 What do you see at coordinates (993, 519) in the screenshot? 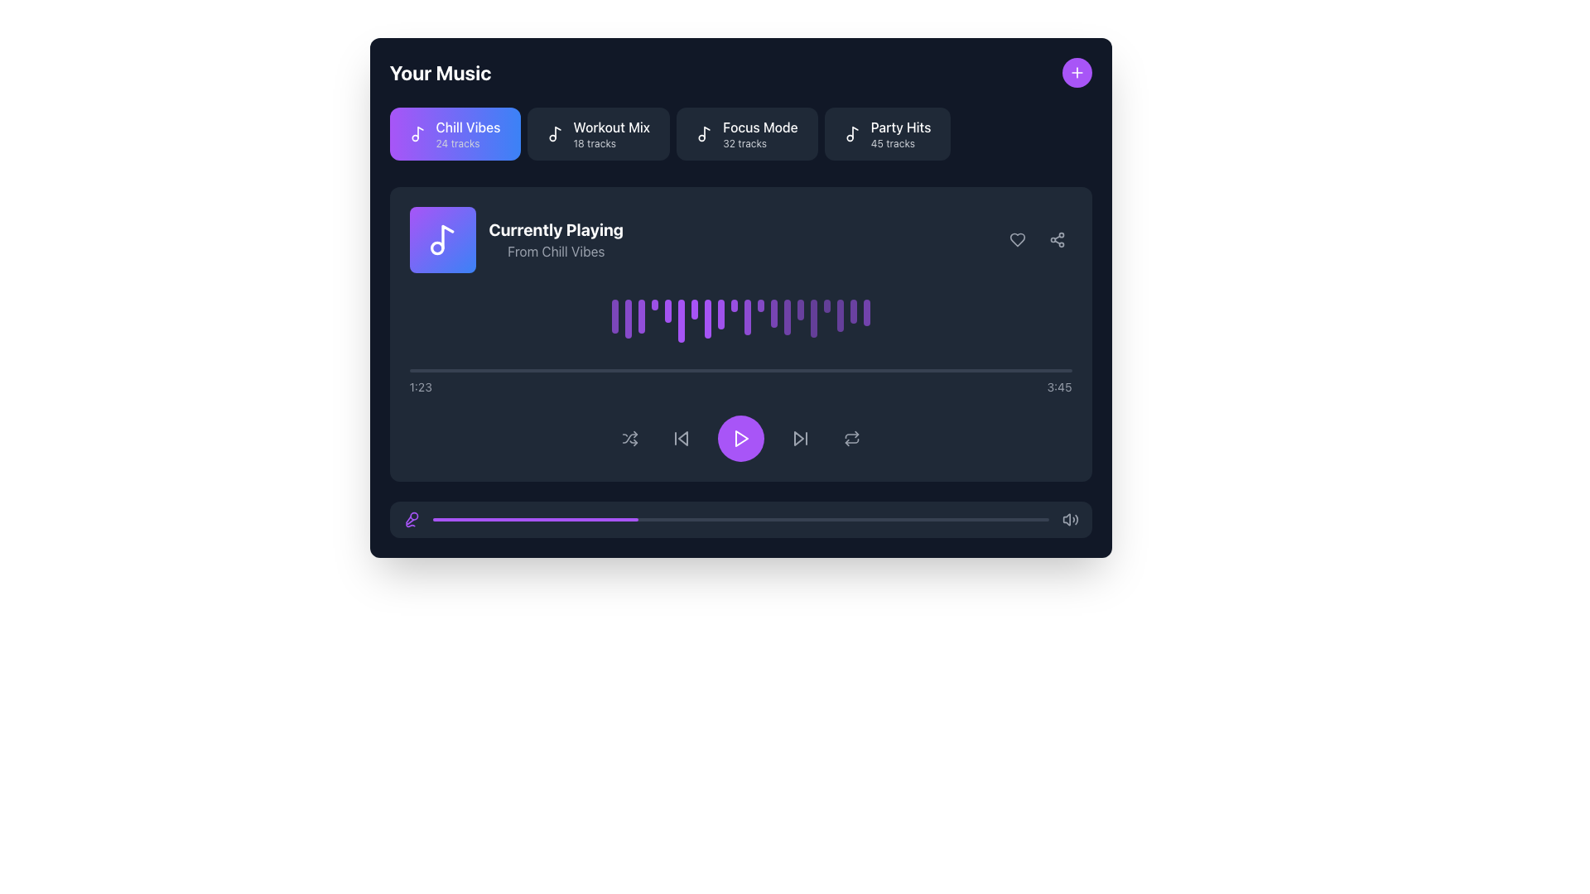
I see `the music progress bar` at bounding box center [993, 519].